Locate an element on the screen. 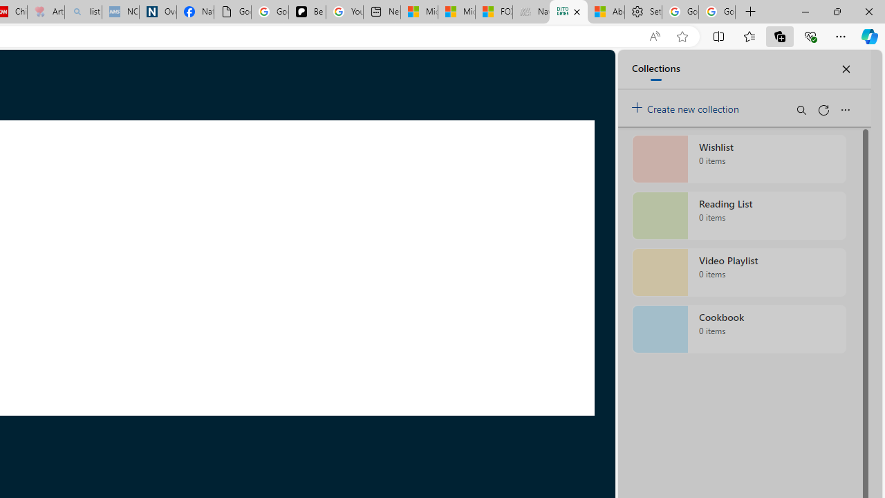  'Aberdeen, Hong Kong SAR hourly forecast | Microsoft Weather' is located at coordinates (606, 12).